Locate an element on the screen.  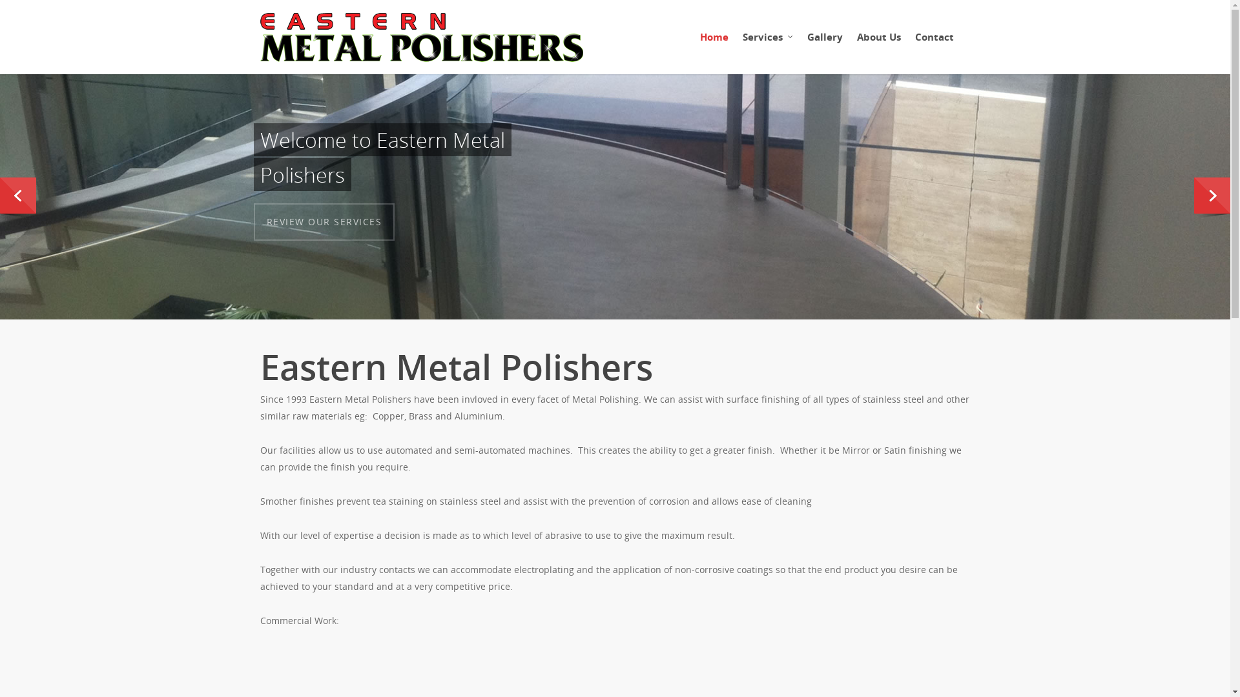
'About Us' is located at coordinates (849, 43).